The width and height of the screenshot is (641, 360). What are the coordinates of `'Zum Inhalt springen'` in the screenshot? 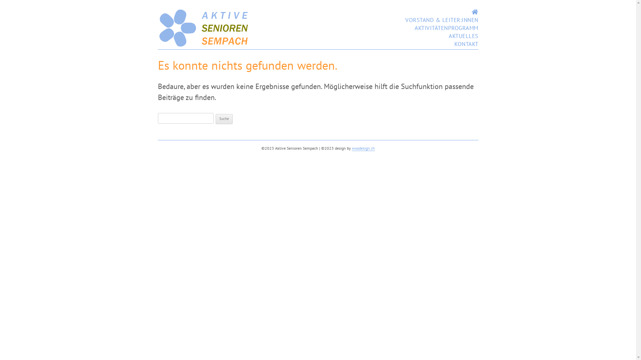 It's located at (442, 8).